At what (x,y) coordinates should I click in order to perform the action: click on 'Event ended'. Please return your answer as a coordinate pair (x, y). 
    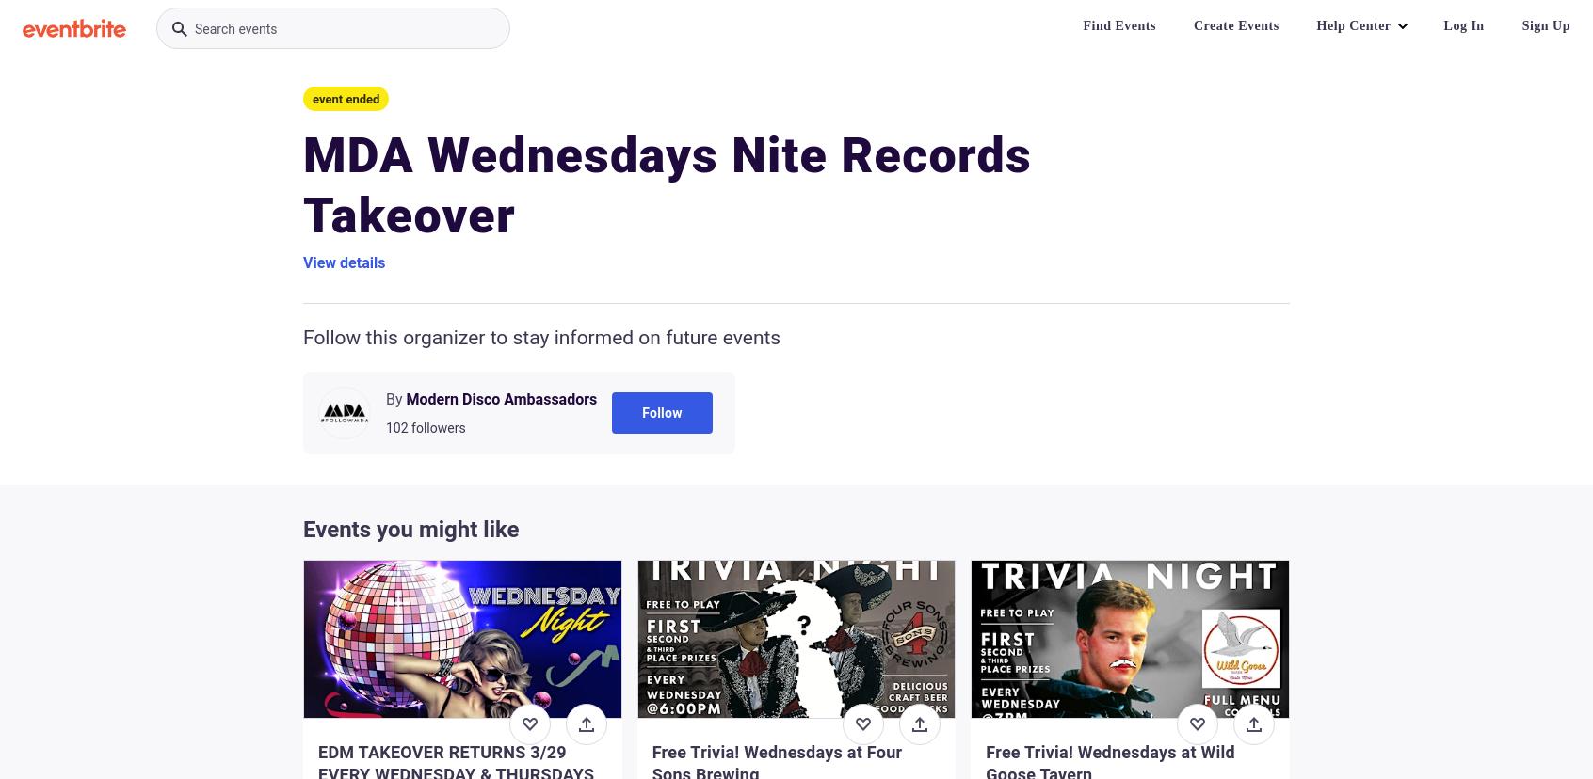
    Looking at the image, I should click on (311, 98).